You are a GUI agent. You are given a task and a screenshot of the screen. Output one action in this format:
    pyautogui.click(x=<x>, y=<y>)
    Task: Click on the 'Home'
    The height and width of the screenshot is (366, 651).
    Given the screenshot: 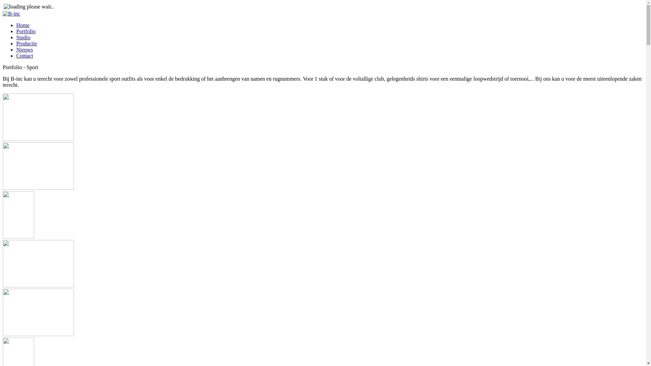 What is the action you would take?
    pyautogui.click(x=23, y=25)
    